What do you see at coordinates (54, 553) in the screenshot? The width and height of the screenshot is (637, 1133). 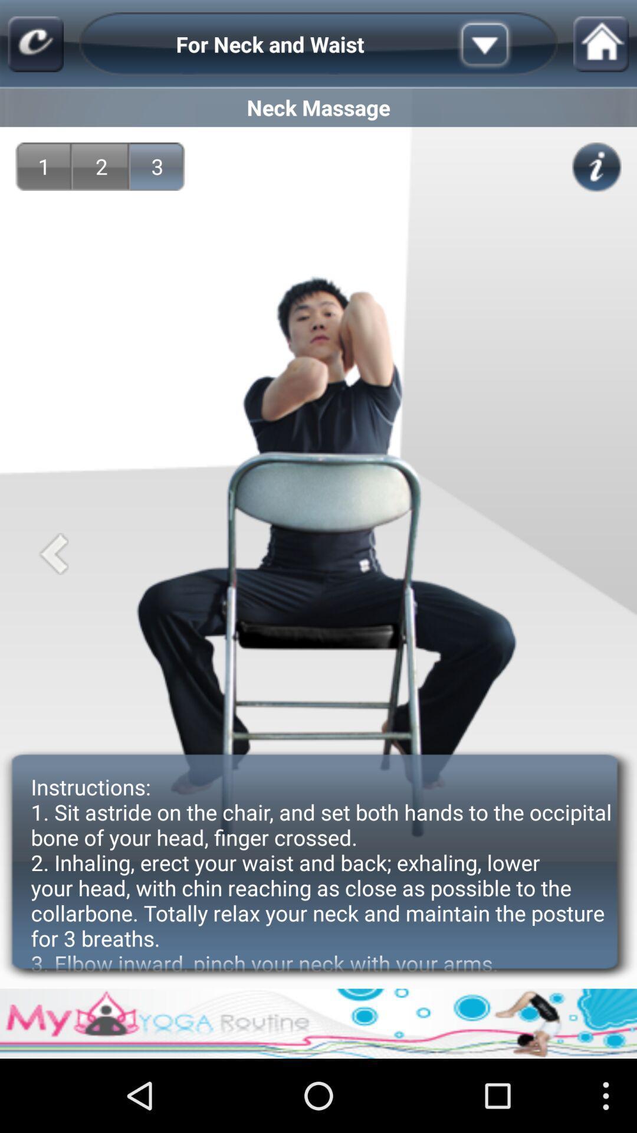 I see `app above the instructions 1 sit icon` at bounding box center [54, 553].